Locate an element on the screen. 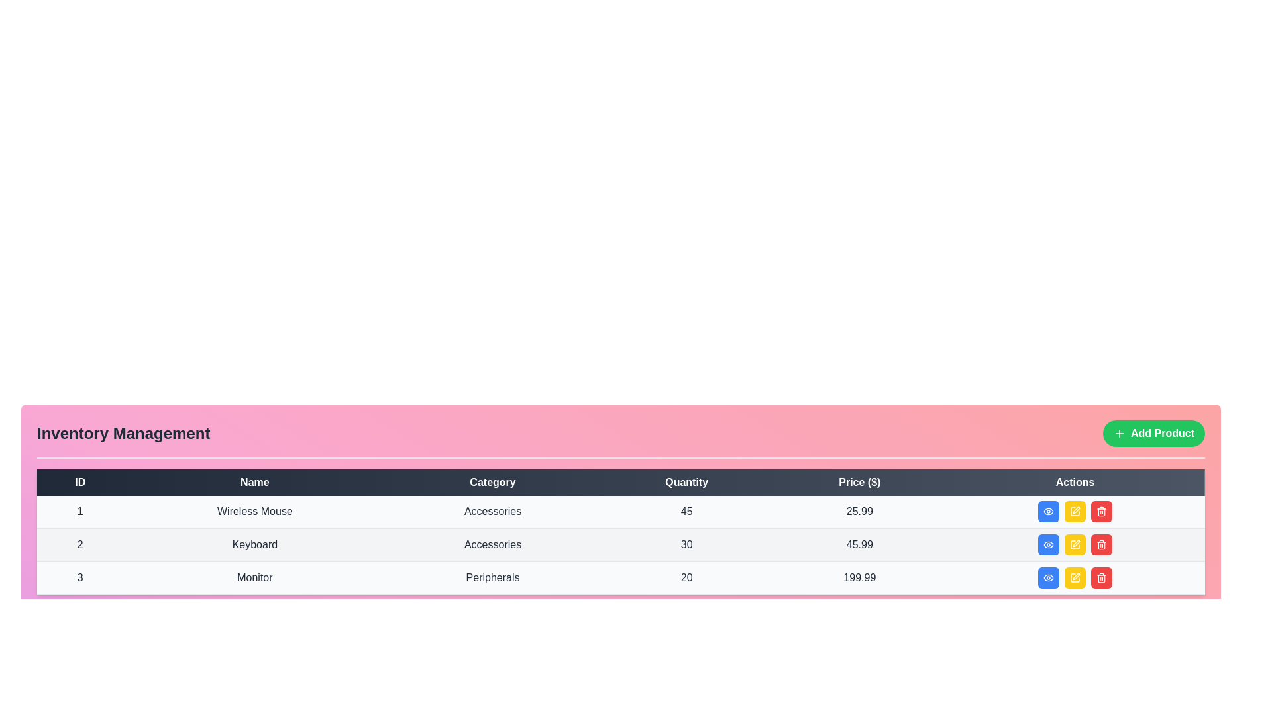 Image resolution: width=1272 pixels, height=715 pixels. the Row Identifier displaying the number '2', which is in the leftmost column of the second row of the data table under the 'Keyboard' entry is located at coordinates (79, 544).